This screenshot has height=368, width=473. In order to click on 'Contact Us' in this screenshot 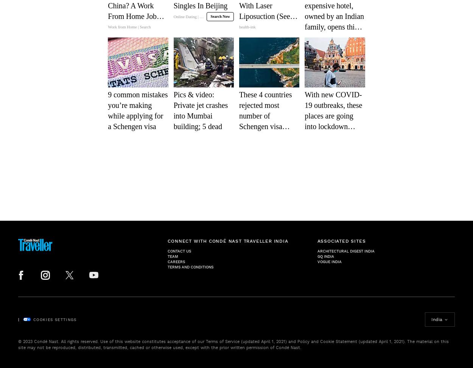, I will do `click(179, 251)`.